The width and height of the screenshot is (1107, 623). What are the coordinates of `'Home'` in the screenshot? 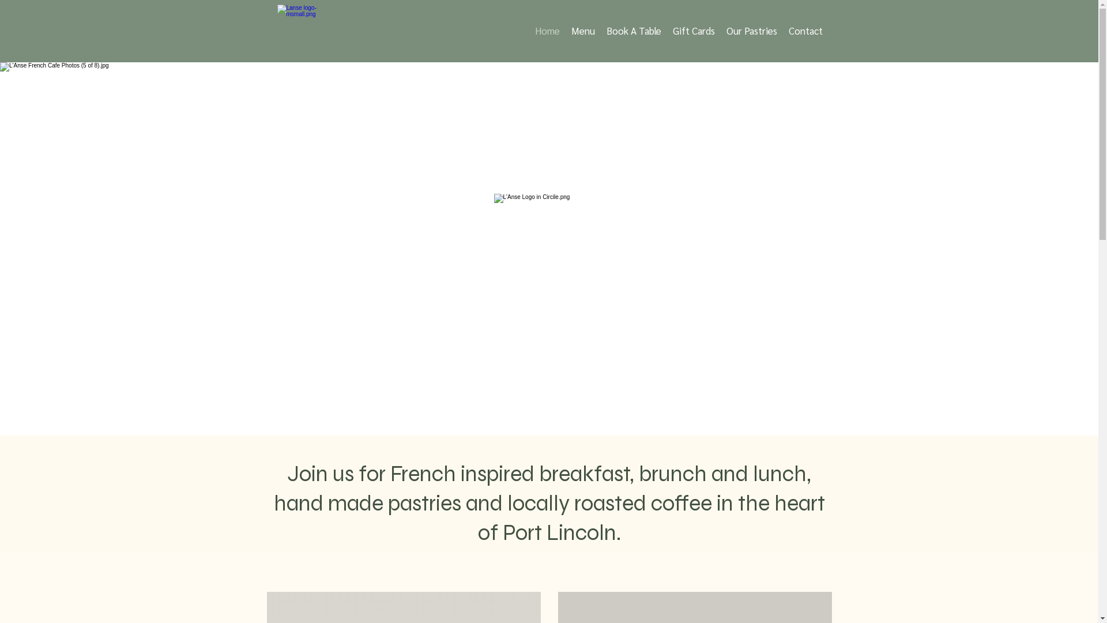 It's located at (547, 30).